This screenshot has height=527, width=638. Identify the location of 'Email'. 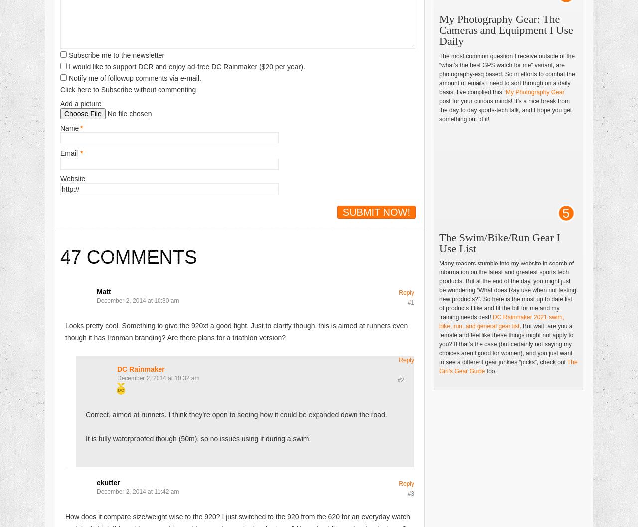
(68, 152).